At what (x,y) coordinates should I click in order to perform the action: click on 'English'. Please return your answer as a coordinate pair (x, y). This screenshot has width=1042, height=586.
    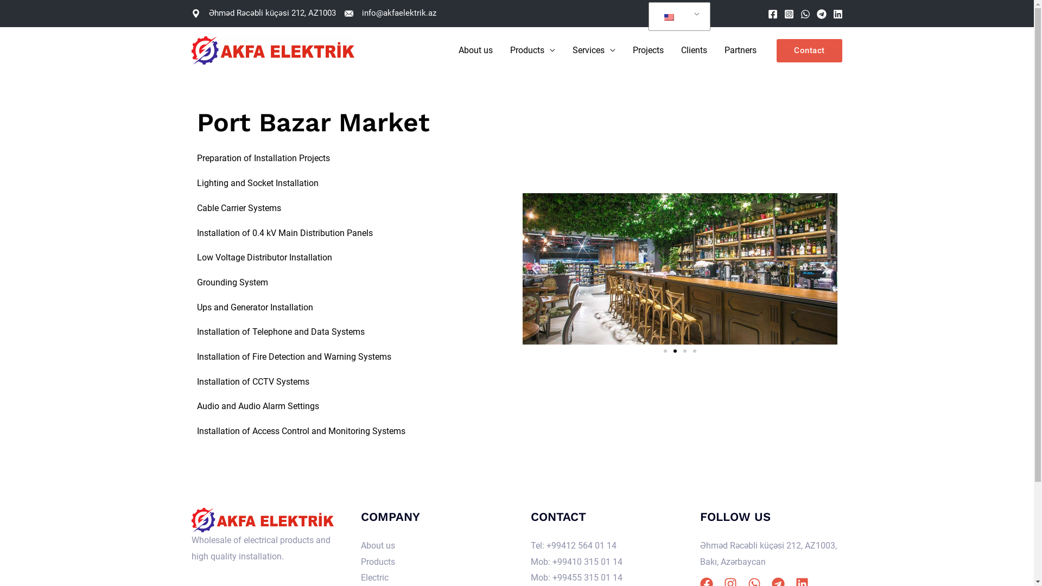
    Looking at the image, I should click on (676, 16).